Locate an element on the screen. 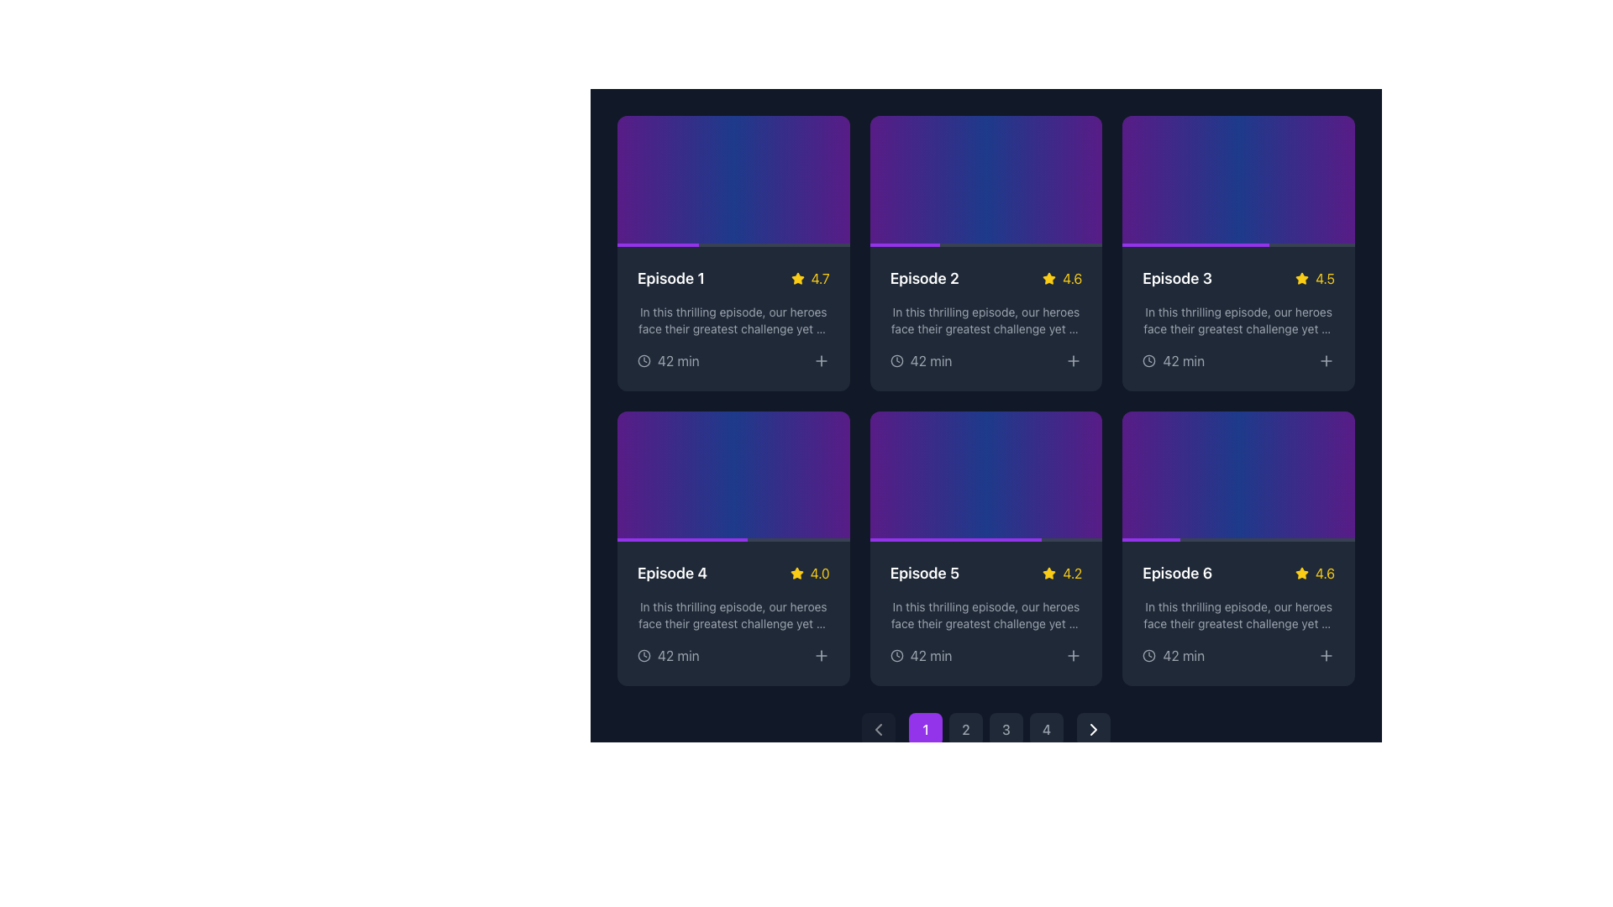 This screenshot has height=907, width=1613. the small gray circular button with a plus sign, located at the bottom-right corner of the 'Episode 1' card, to observe its hover effects is located at coordinates (821, 359).